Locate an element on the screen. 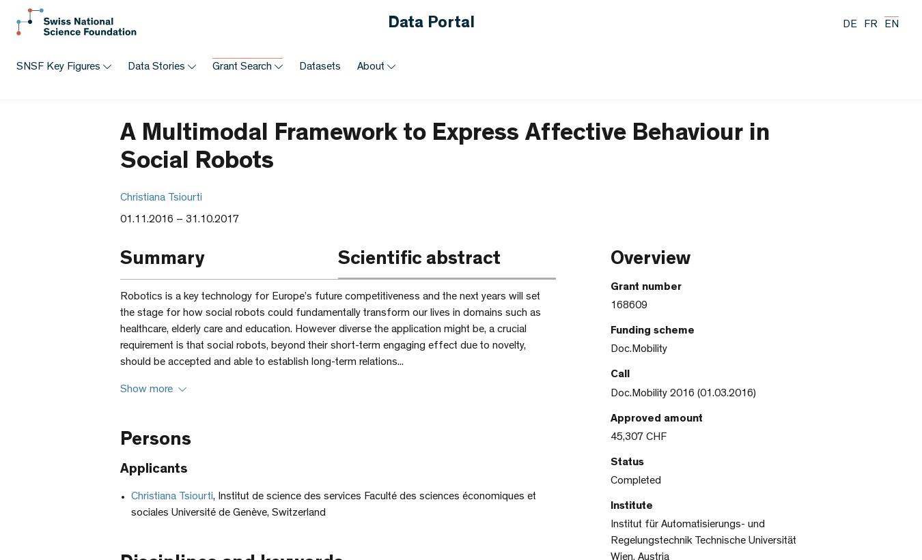 The image size is (922, 560). 'Scientific abstract' is located at coordinates (419, 260).